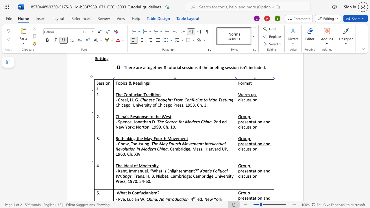 This screenshot has width=370, height=208. What do you see at coordinates (196, 121) in the screenshot?
I see `the space between the continuous character "e" and "r" in the text` at bounding box center [196, 121].